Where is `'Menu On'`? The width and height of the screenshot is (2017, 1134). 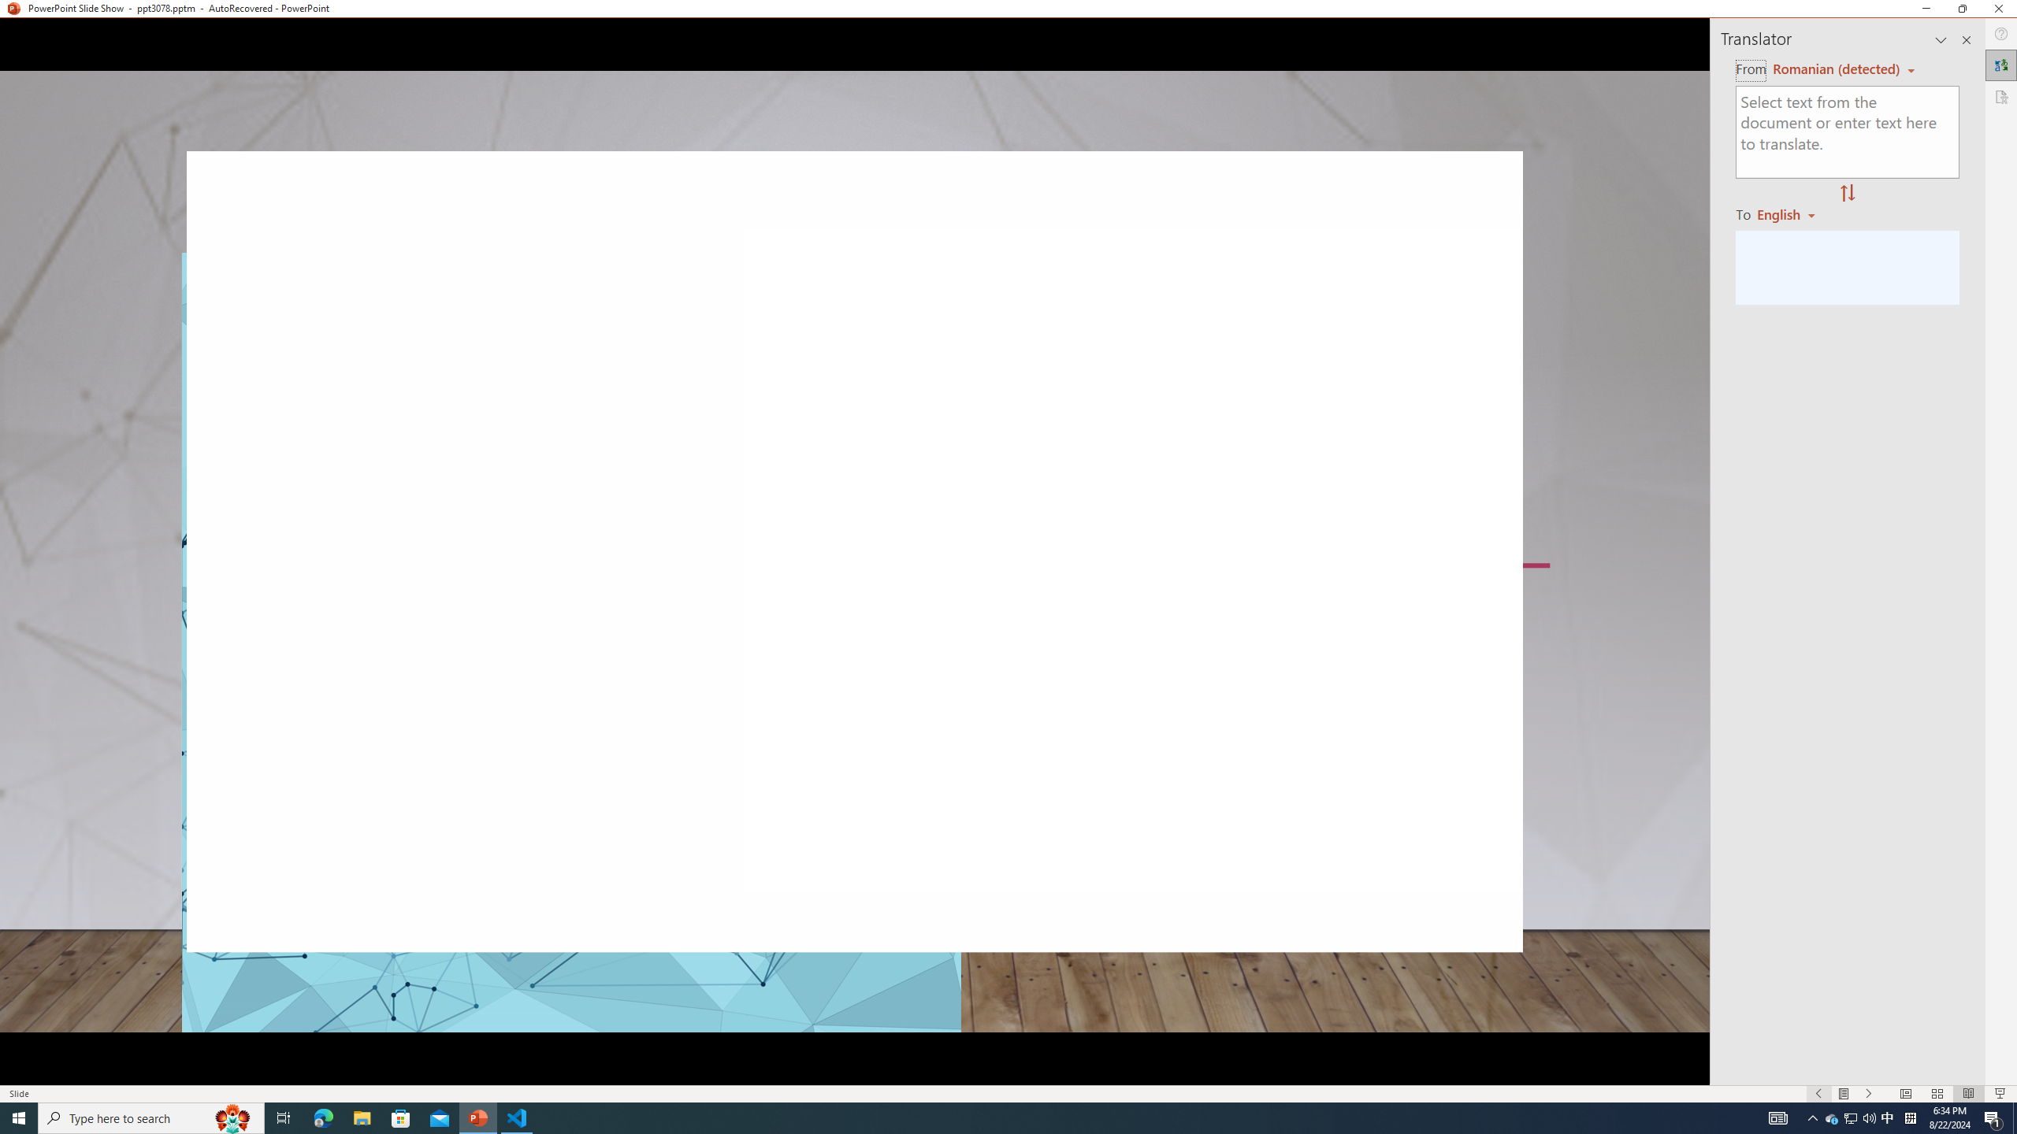 'Menu On' is located at coordinates (1844, 1094).